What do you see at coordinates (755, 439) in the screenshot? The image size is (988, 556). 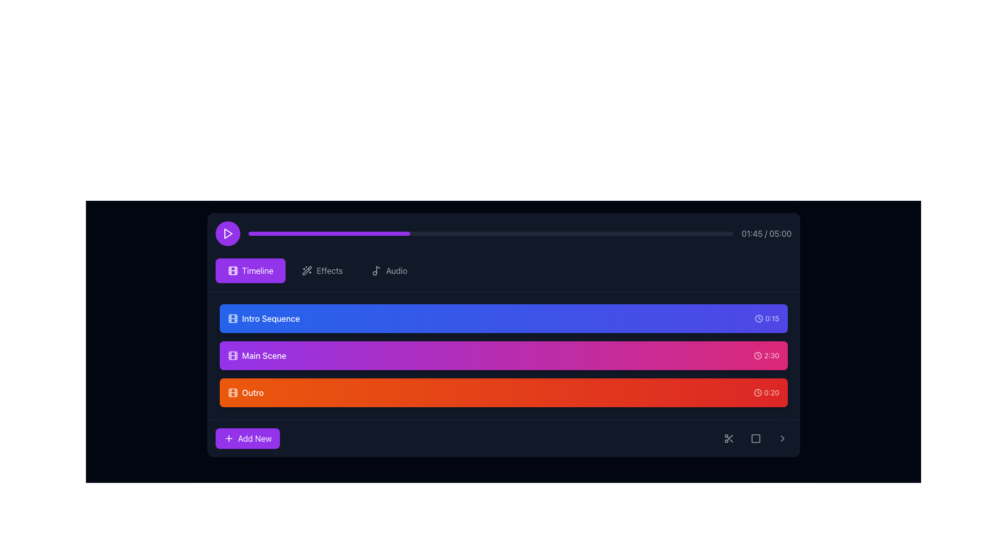 I see `the small square icon` at bounding box center [755, 439].